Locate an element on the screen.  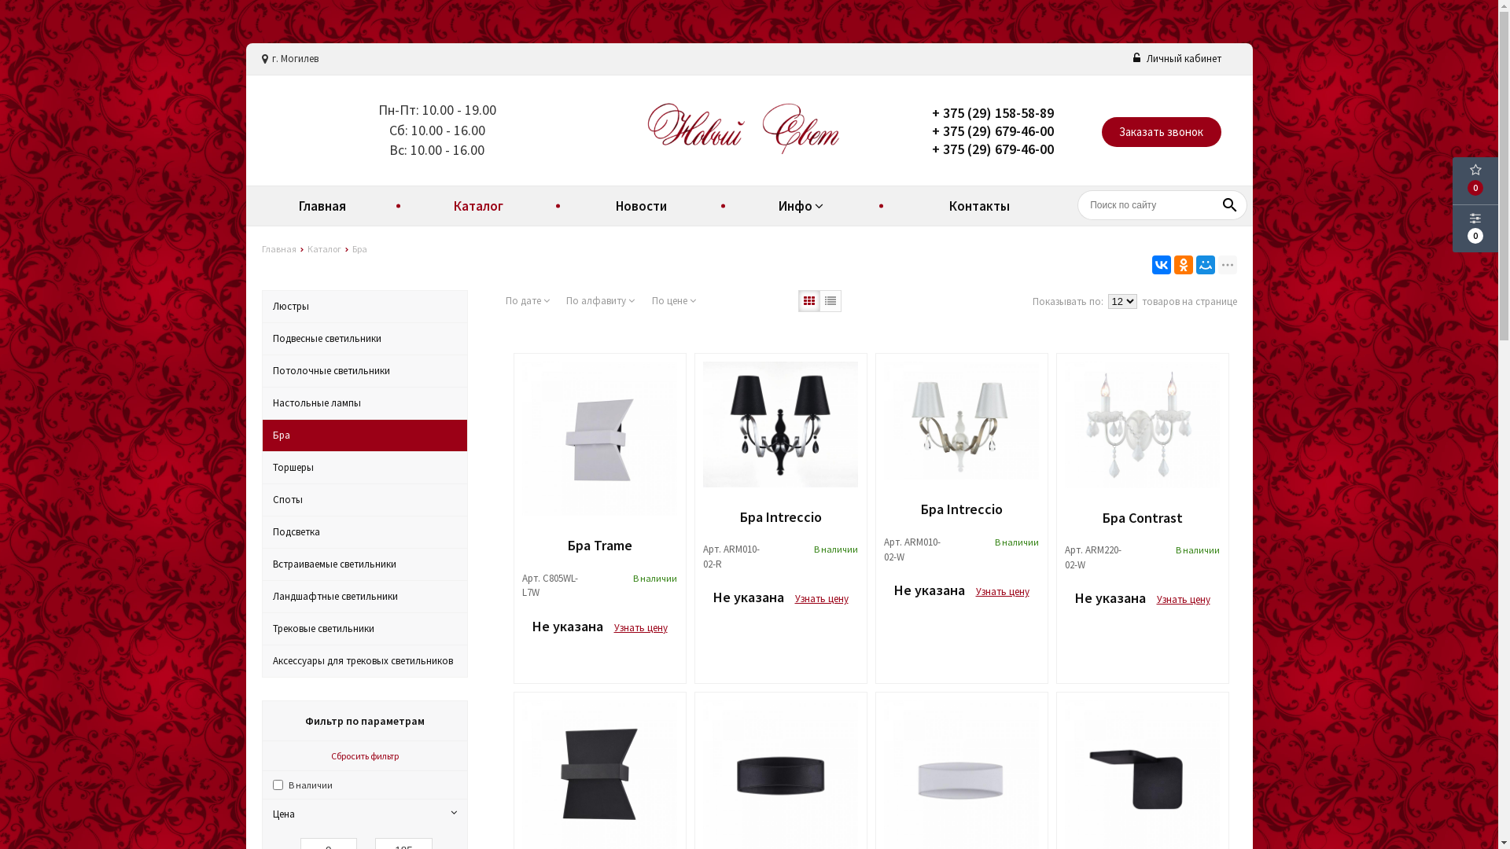
'0' is located at coordinates (1475, 180).